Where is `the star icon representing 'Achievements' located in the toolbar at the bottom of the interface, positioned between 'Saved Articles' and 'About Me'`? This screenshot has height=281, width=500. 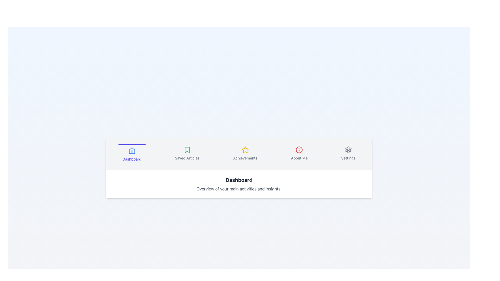
the star icon representing 'Achievements' located in the toolbar at the bottom of the interface, positioned between 'Saved Articles' and 'About Me' is located at coordinates (245, 150).